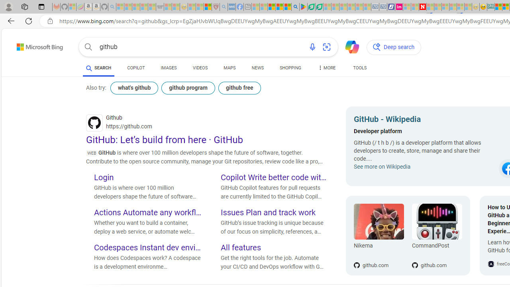  What do you see at coordinates (432, 235) in the screenshot?
I see `'CommandPost CommandPost github.com'` at bounding box center [432, 235].